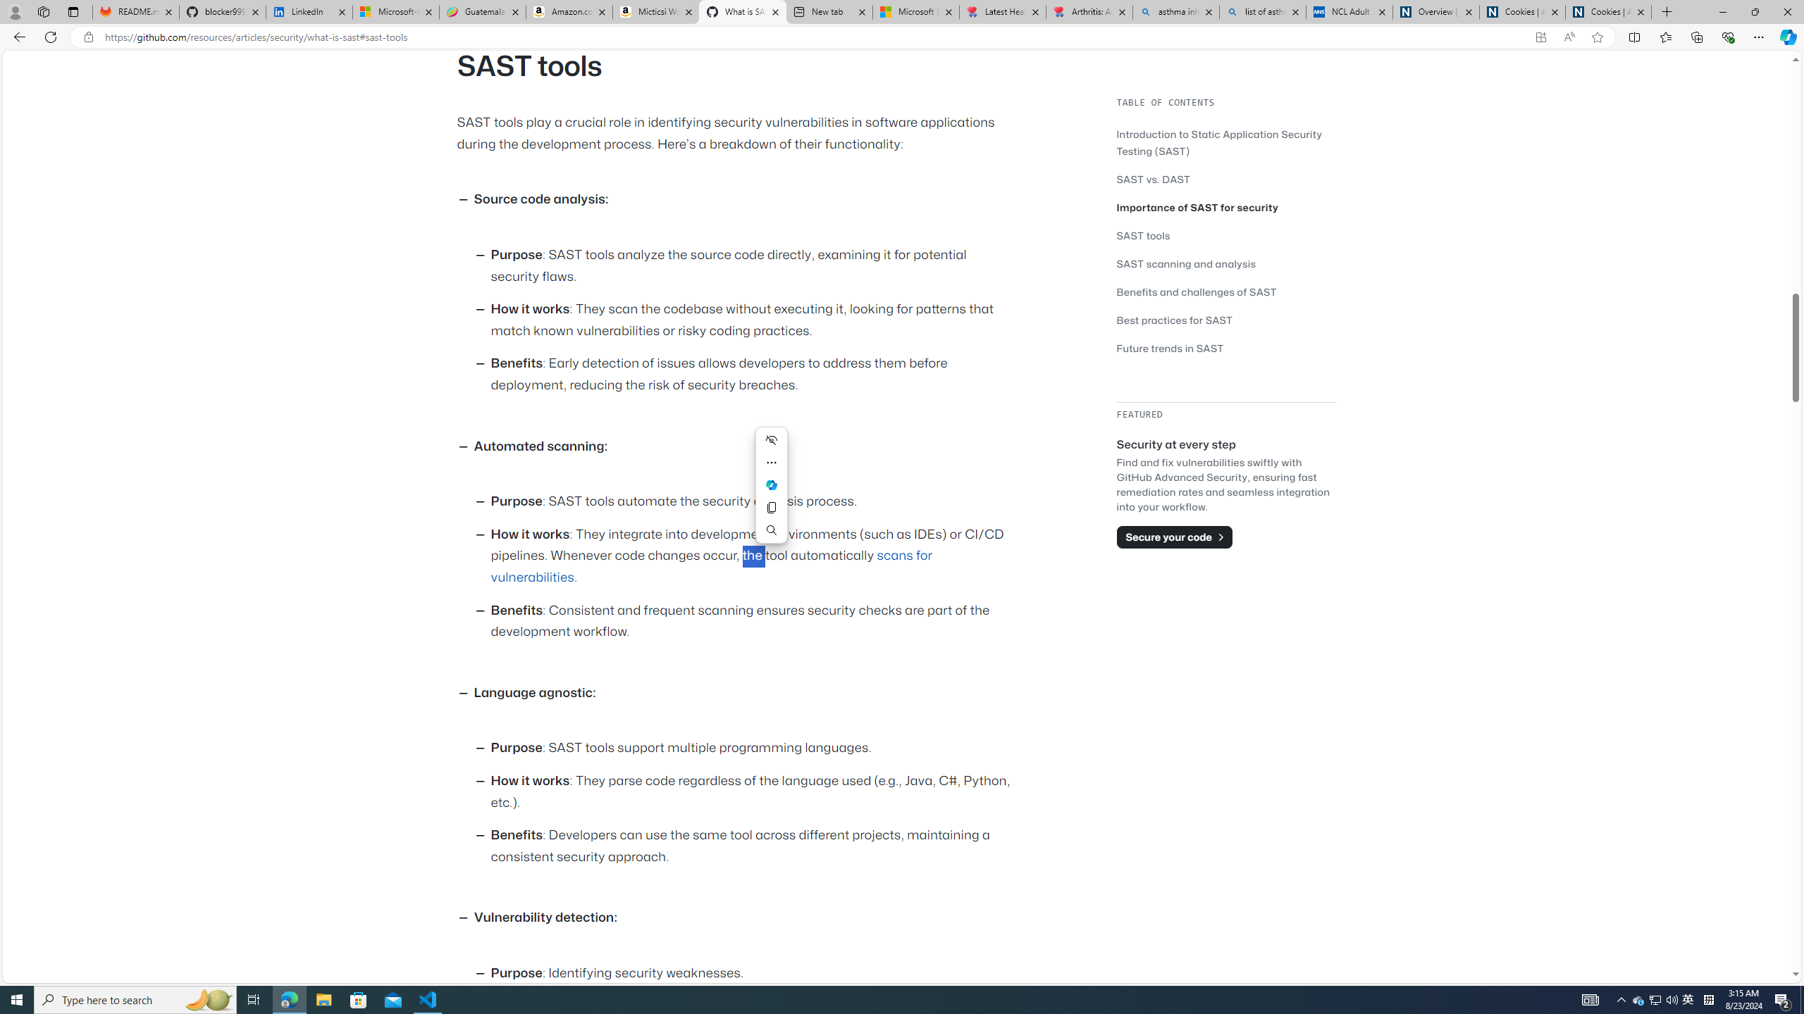 This screenshot has height=1014, width=1804. Describe the element at coordinates (1143, 234) in the screenshot. I see `'SAST tools'` at that location.